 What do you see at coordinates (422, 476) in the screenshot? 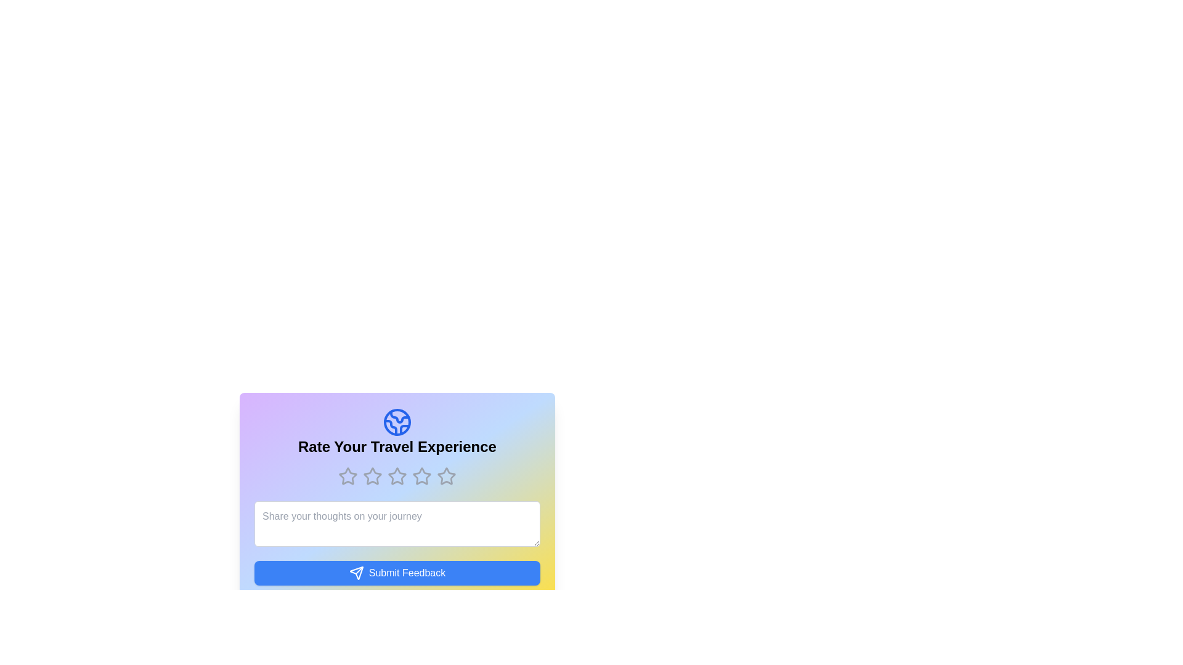
I see `the rating to 4 stars by clicking on the corresponding star` at bounding box center [422, 476].